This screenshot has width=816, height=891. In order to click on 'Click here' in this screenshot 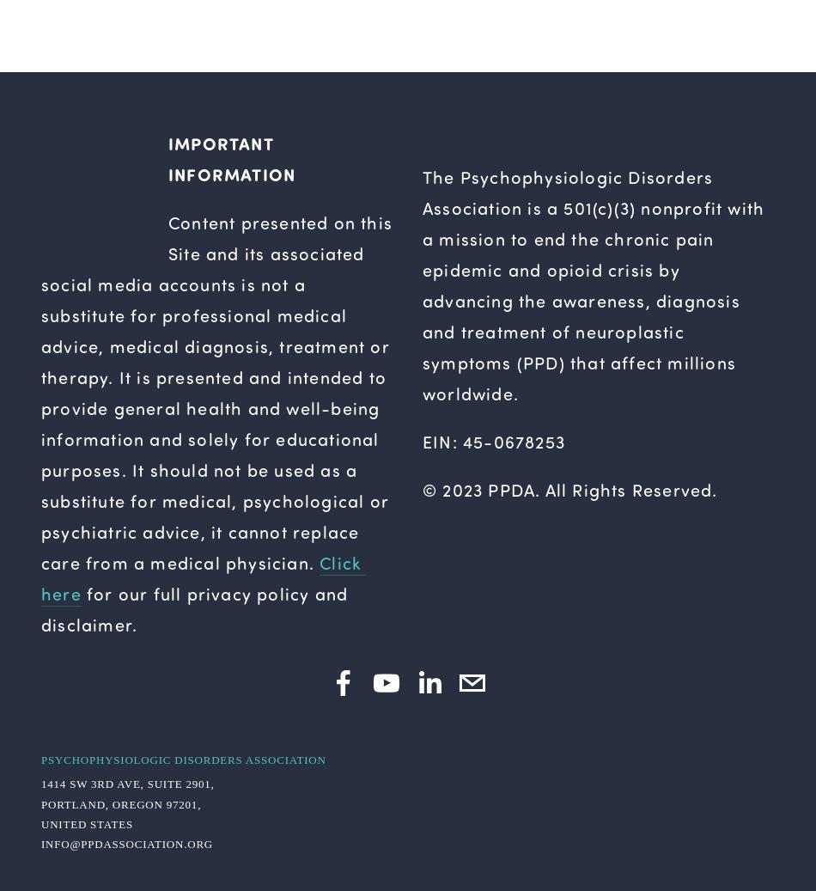, I will do `click(204, 577)`.